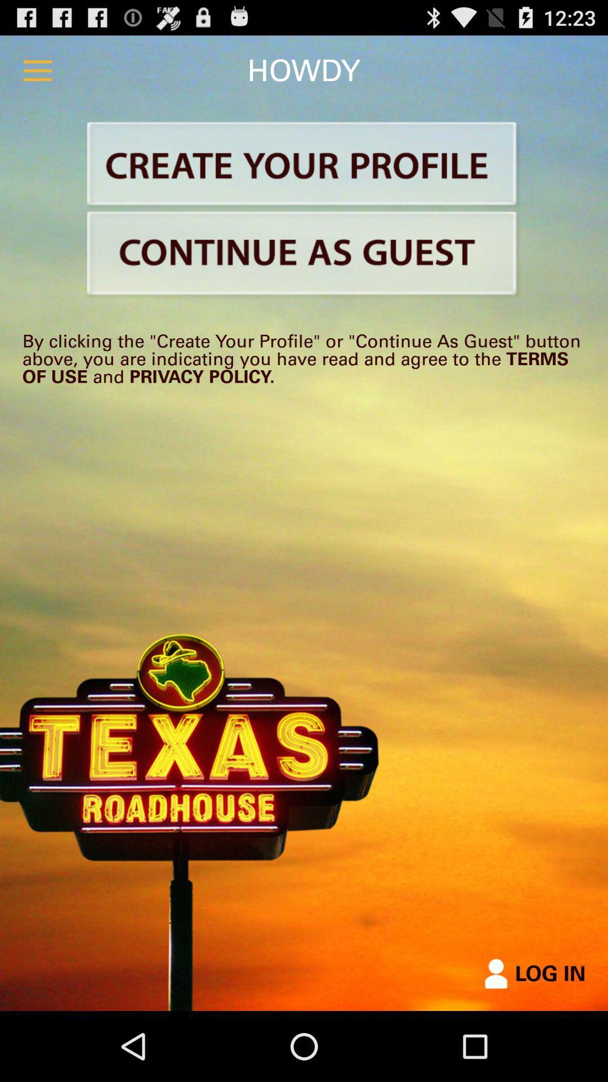 This screenshot has height=1082, width=608. Describe the element at coordinates (304, 165) in the screenshot. I see `profile button` at that location.